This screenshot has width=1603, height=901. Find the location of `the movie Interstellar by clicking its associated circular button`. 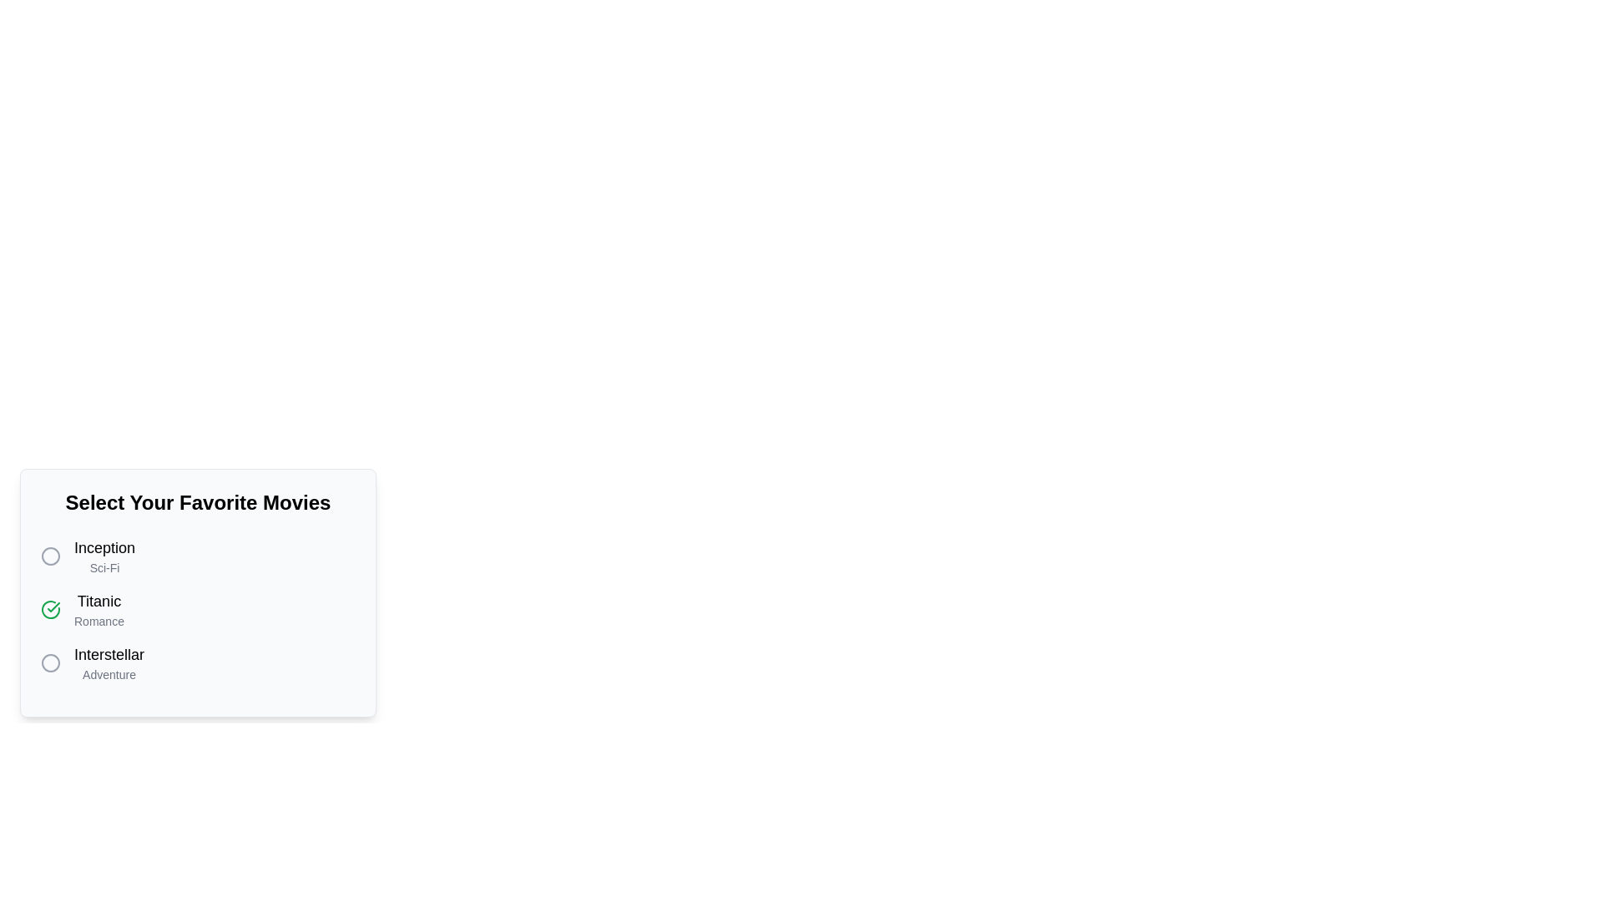

the movie Interstellar by clicking its associated circular button is located at coordinates (51, 662).